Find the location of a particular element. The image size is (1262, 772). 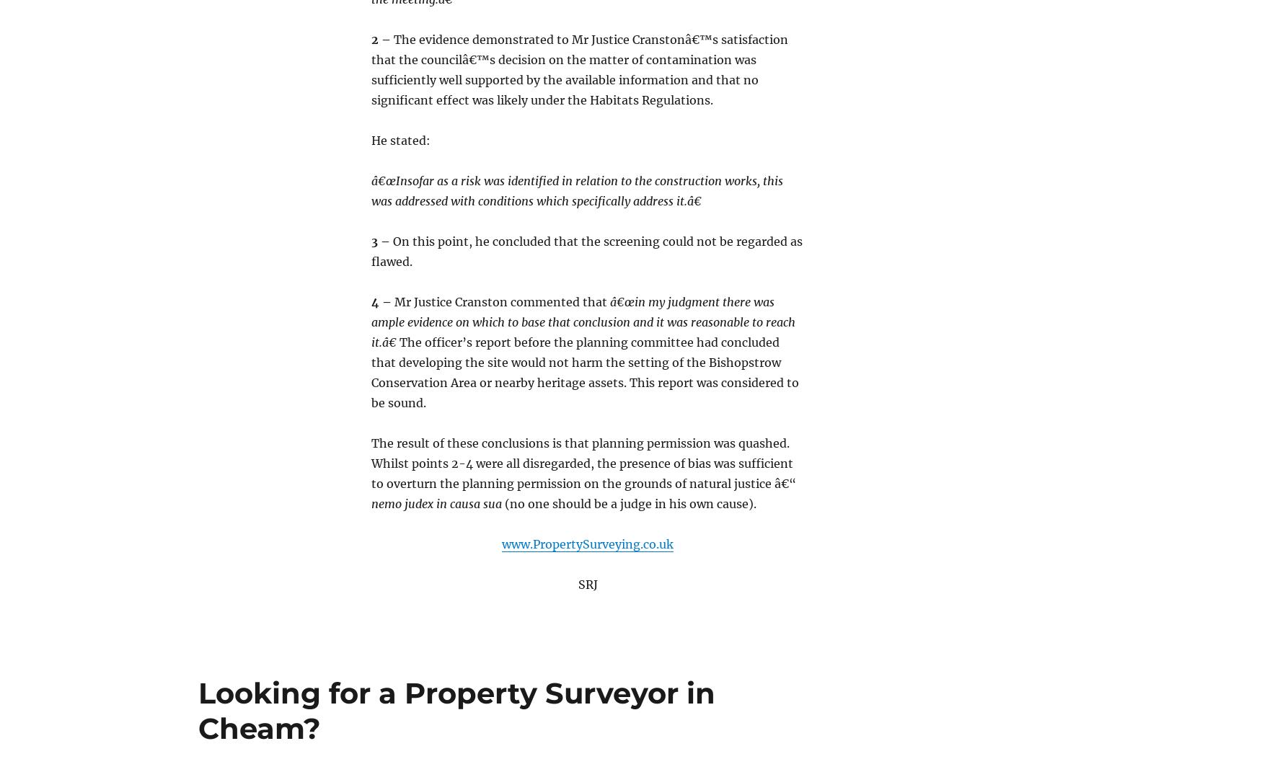

'â€œin my judgment there was ample evidence on which to base that conclusion and it was reasonable to reach it.â€' is located at coordinates (583, 321).